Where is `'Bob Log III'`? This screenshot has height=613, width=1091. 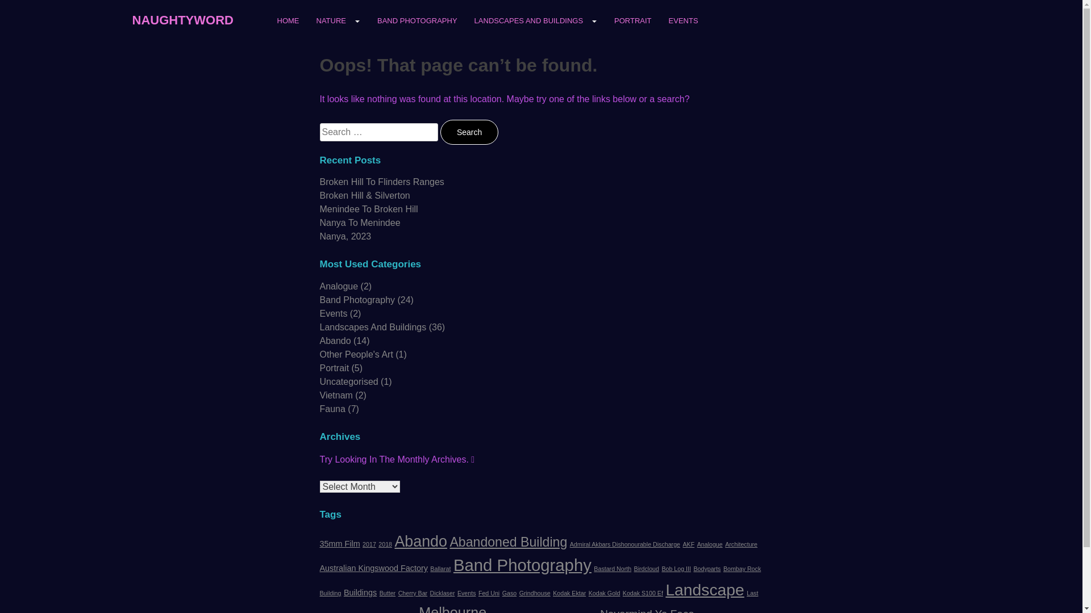
'Bob Log III' is located at coordinates (676, 569).